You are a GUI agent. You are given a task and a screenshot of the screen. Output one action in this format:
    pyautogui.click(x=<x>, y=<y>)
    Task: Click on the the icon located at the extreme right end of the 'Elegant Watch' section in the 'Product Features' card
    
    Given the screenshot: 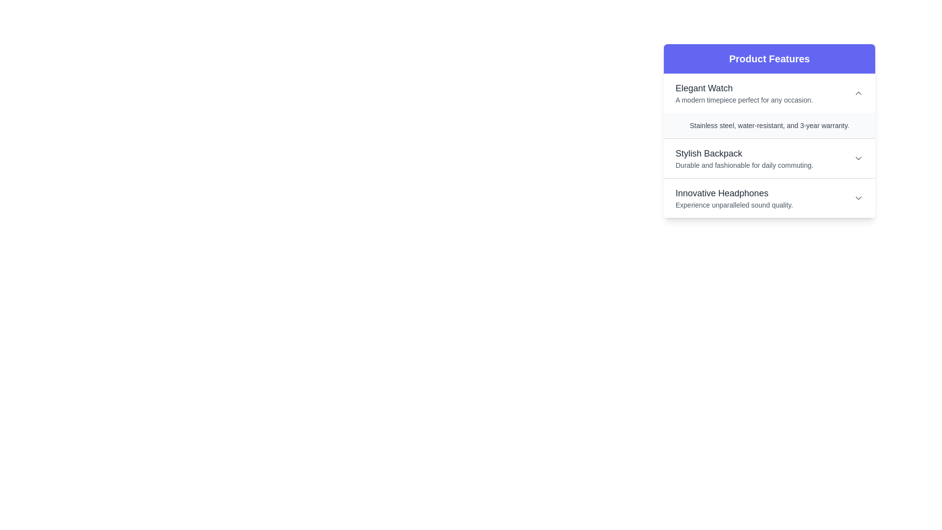 What is the action you would take?
    pyautogui.click(x=858, y=93)
    